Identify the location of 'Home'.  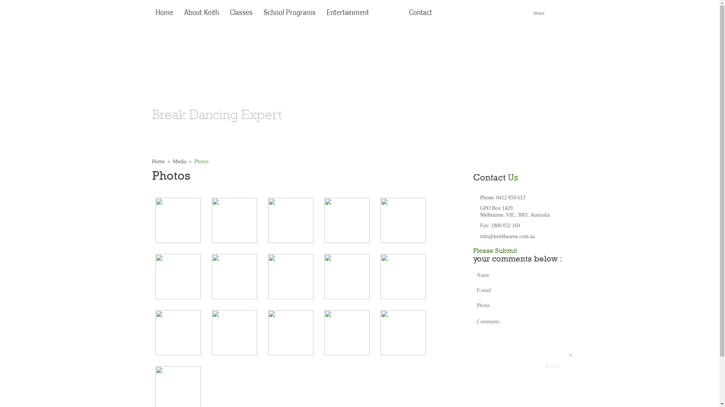
(151, 161).